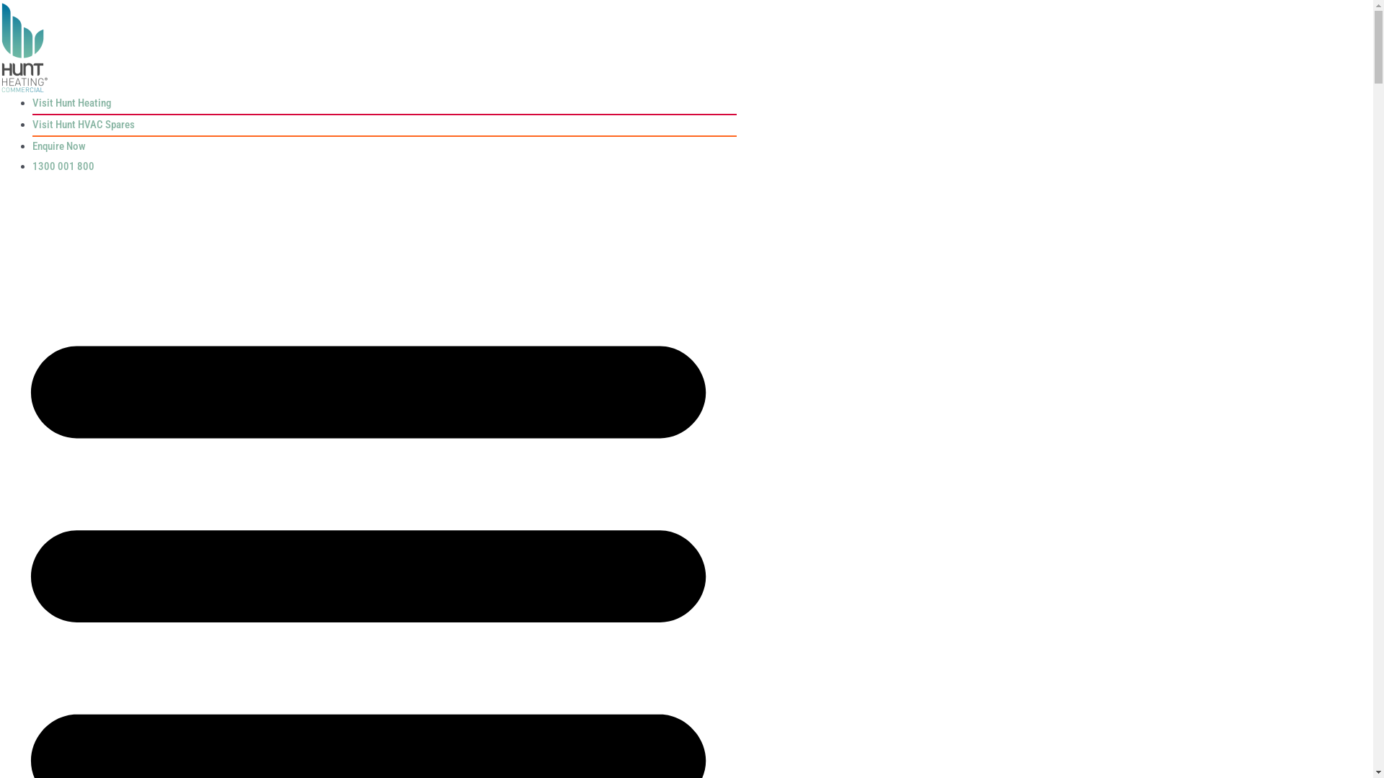  Describe the element at coordinates (71, 102) in the screenshot. I see `'Visit Hunt Heating'` at that location.